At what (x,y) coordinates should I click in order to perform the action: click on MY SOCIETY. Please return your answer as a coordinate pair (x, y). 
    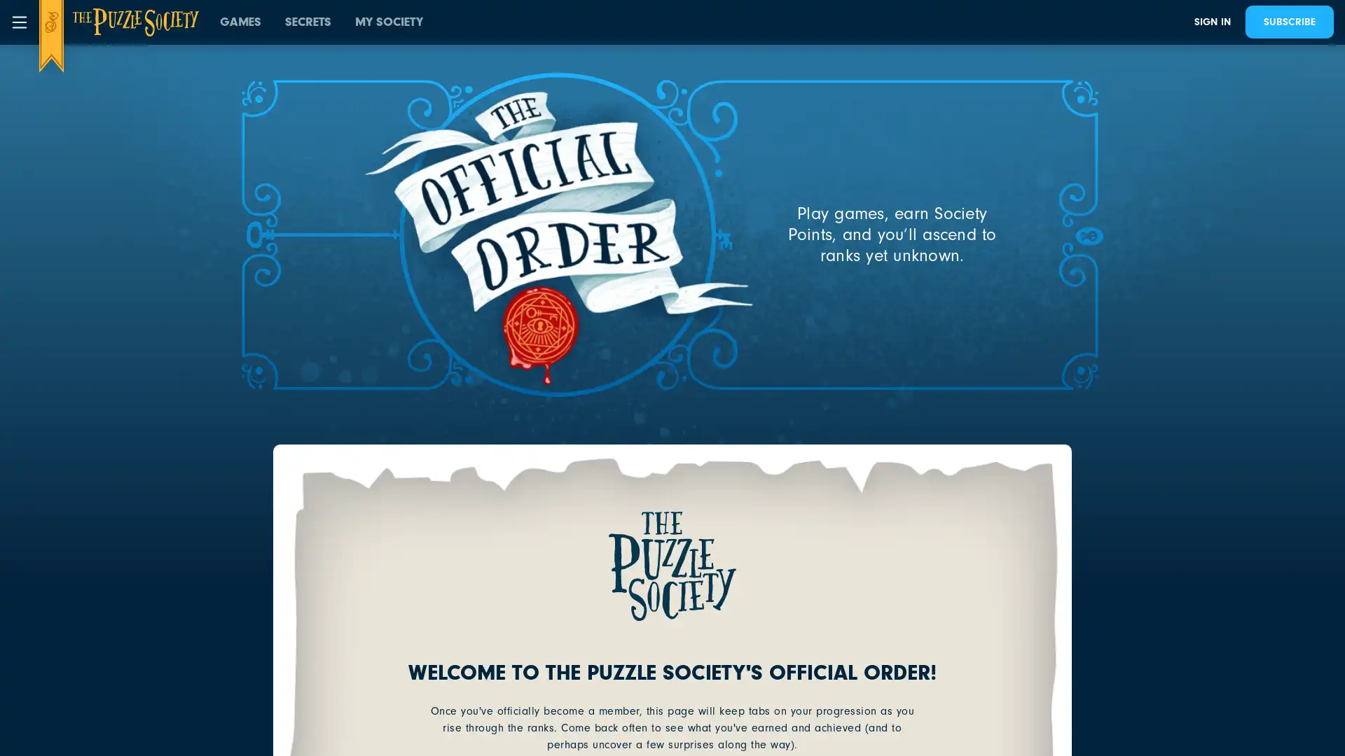
    Looking at the image, I should click on (389, 22).